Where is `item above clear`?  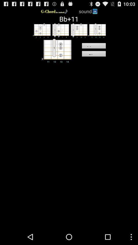 item above clear is located at coordinates (94, 46).